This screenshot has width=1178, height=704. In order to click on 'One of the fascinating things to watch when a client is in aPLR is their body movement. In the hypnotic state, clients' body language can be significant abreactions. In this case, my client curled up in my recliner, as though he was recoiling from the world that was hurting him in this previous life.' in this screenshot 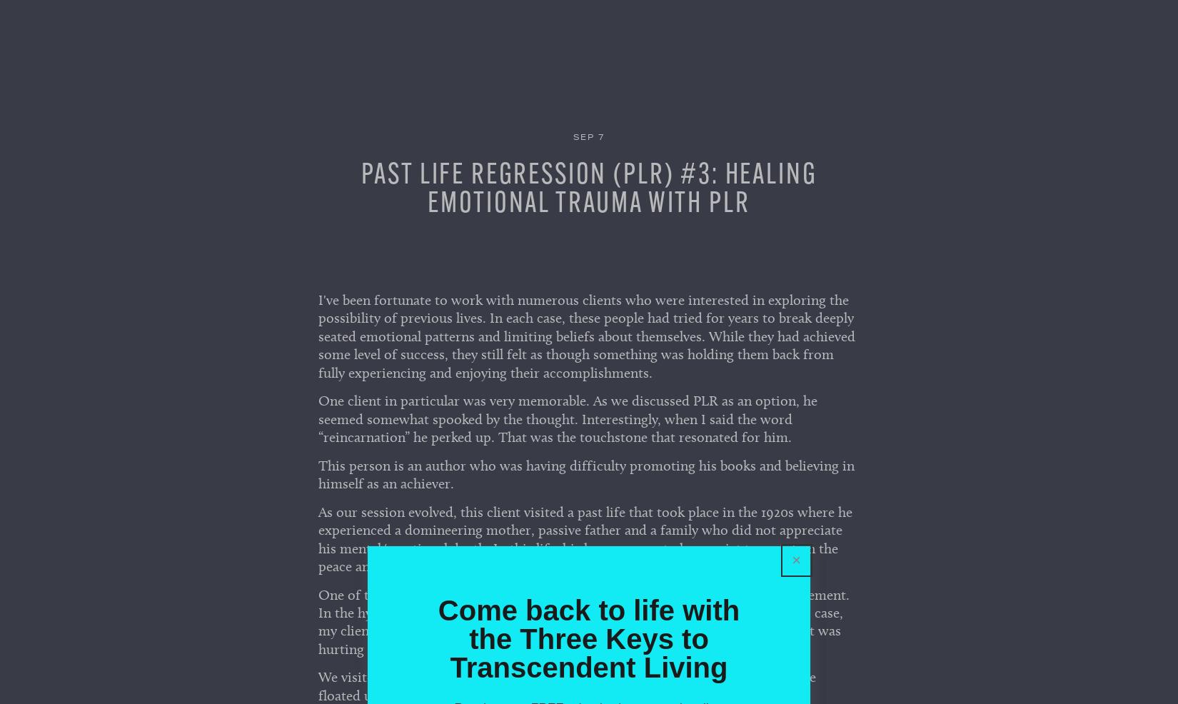, I will do `click(583, 625)`.